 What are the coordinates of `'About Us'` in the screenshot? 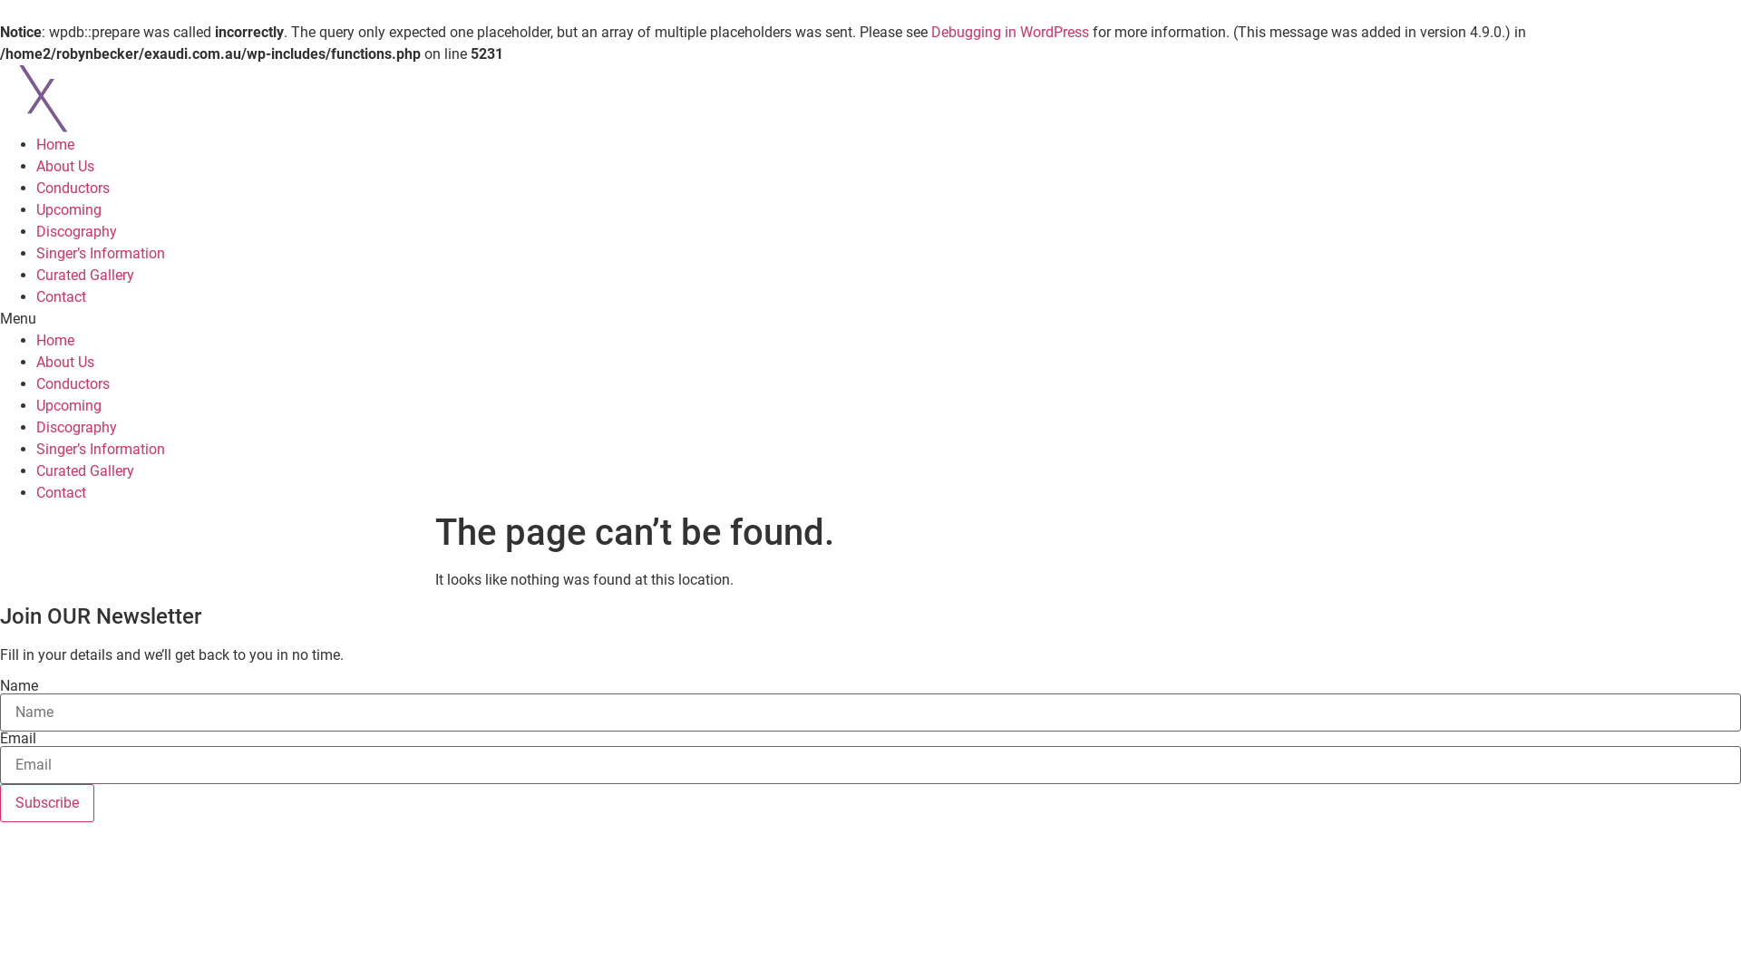 It's located at (65, 362).